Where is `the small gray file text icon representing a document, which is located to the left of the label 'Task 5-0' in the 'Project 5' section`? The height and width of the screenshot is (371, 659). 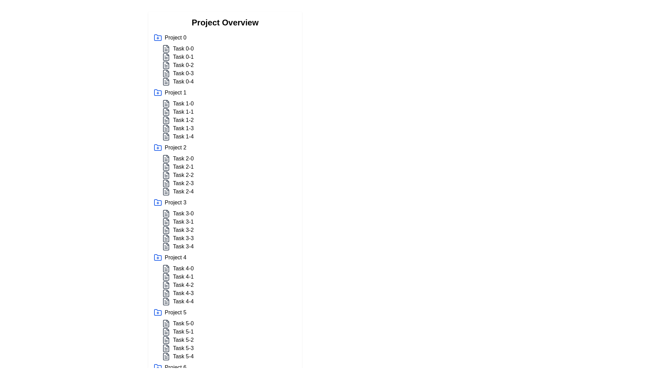
the small gray file text icon representing a document, which is located to the left of the label 'Task 5-0' in the 'Project 5' section is located at coordinates (166, 323).